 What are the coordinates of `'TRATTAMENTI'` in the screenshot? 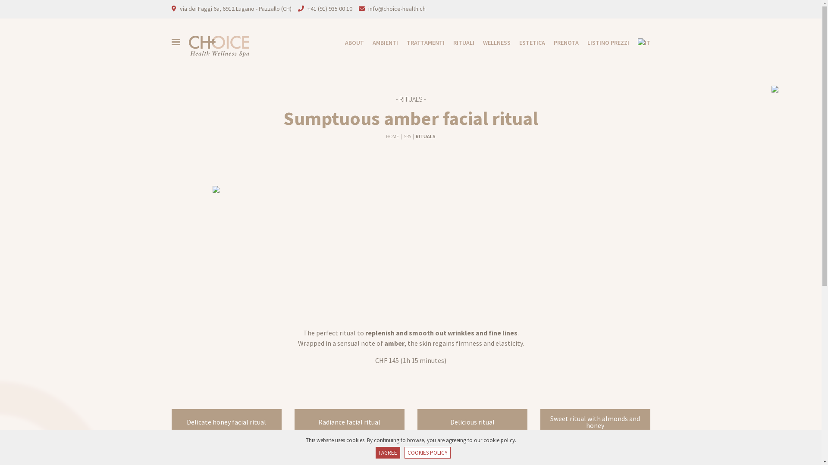 It's located at (397, 43).